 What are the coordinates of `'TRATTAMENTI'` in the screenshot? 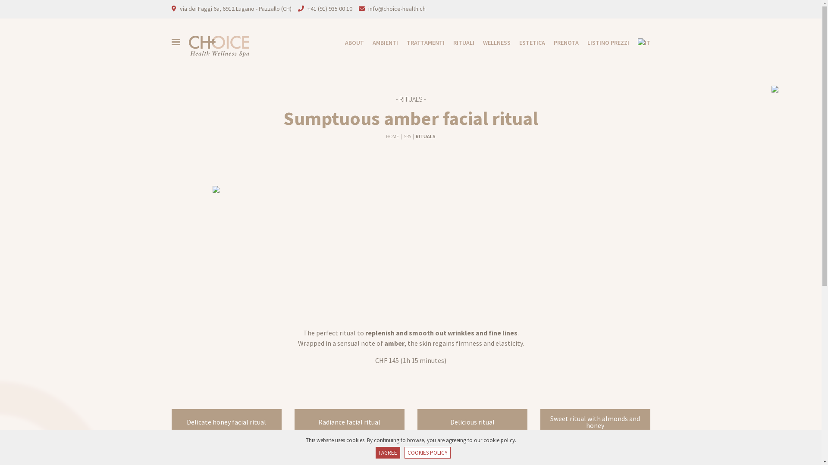 It's located at (397, 43).